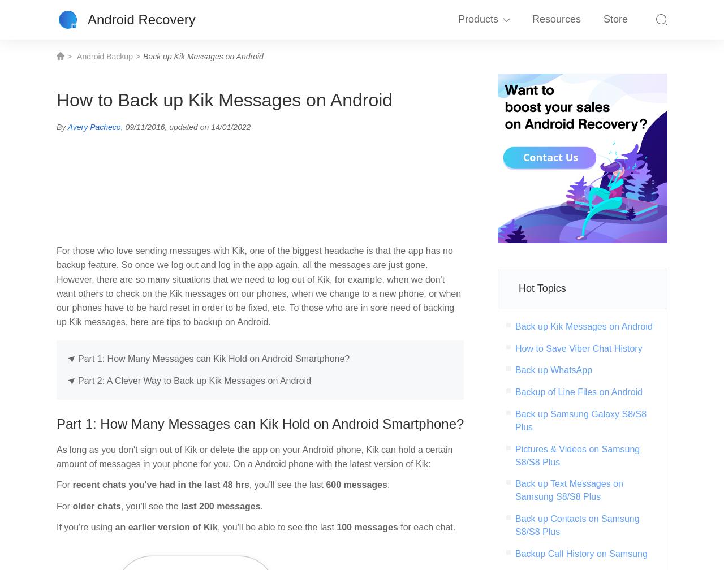  What do you see at coordinates (305, 160) in the screenshot?
I see `'Broken
Android Data Extraction'` at bounding box center [305, 160].